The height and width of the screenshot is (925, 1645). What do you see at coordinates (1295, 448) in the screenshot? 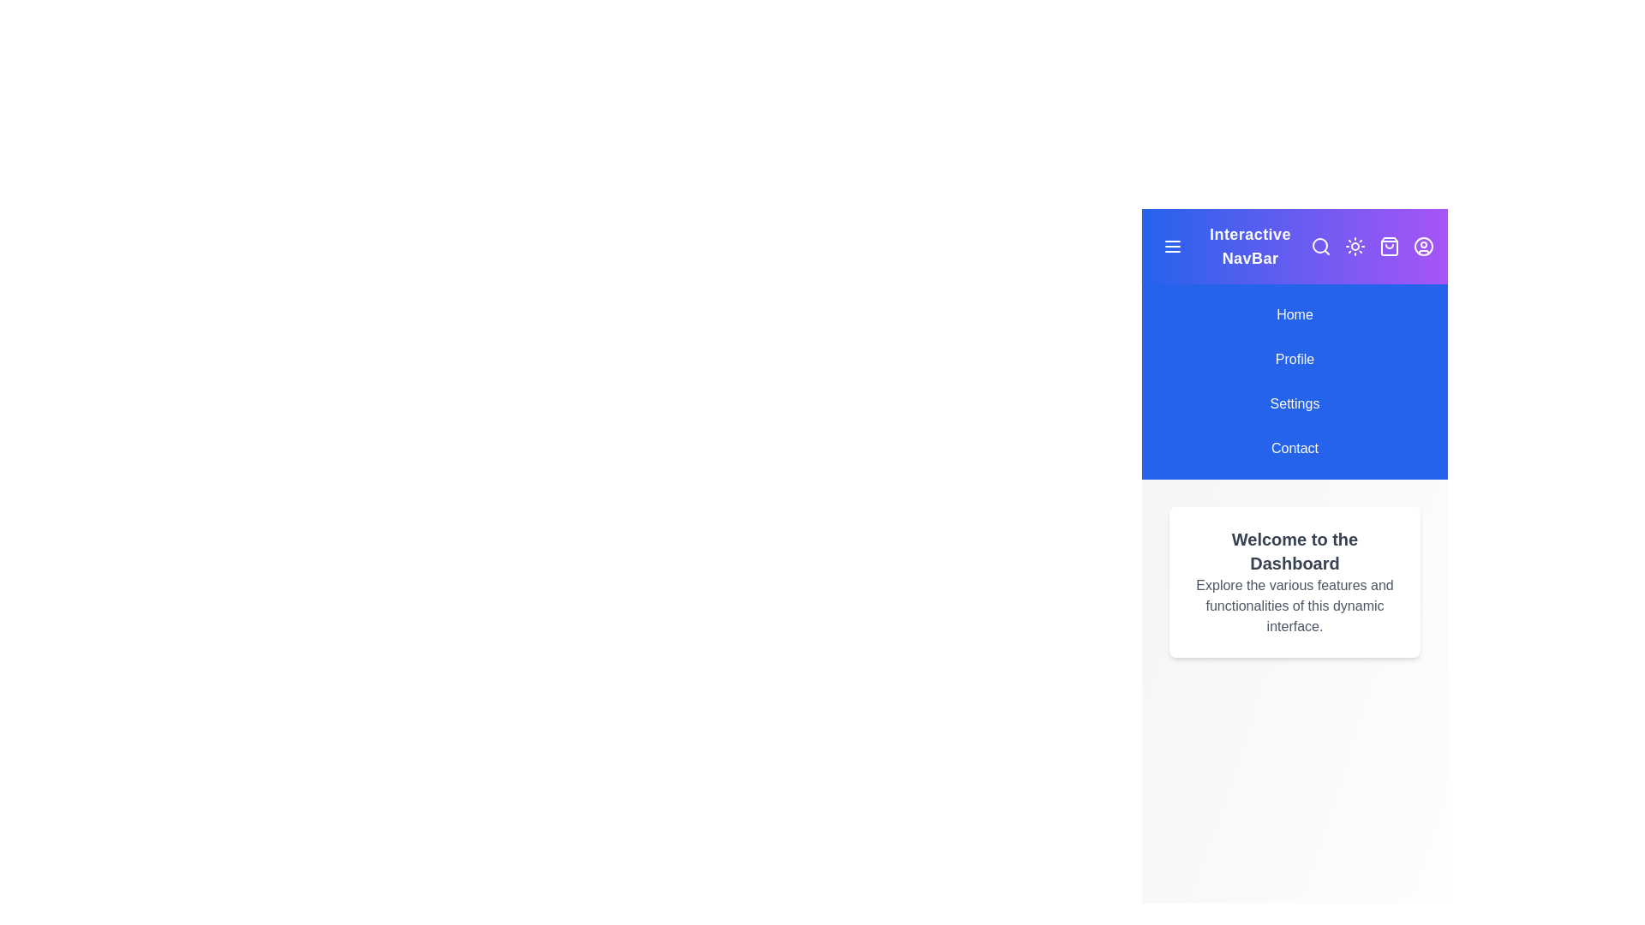
I see `the navigation item Contact` at bounding box center [1295, 448].